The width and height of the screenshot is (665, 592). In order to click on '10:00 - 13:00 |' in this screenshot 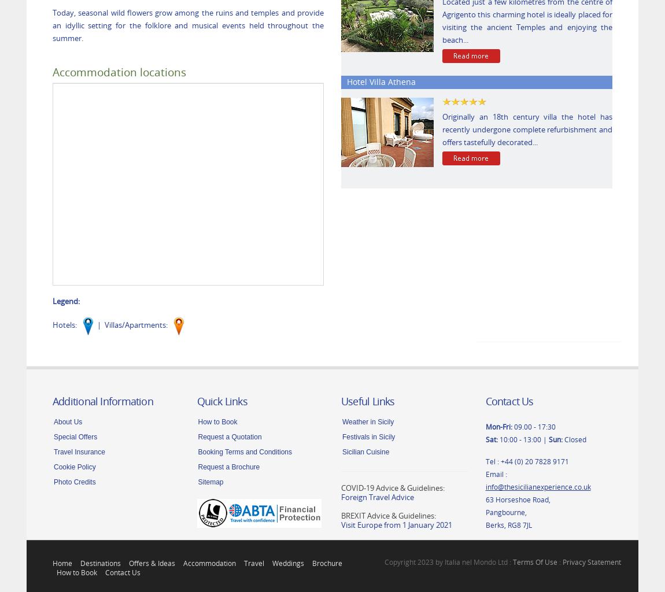, I will do `click(523, 438)`.